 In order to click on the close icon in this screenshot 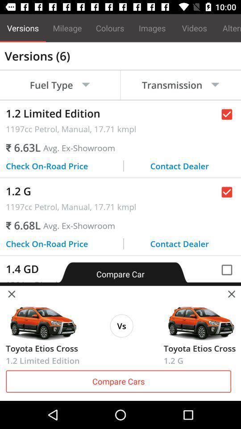, I will do `click(231, 293)`.